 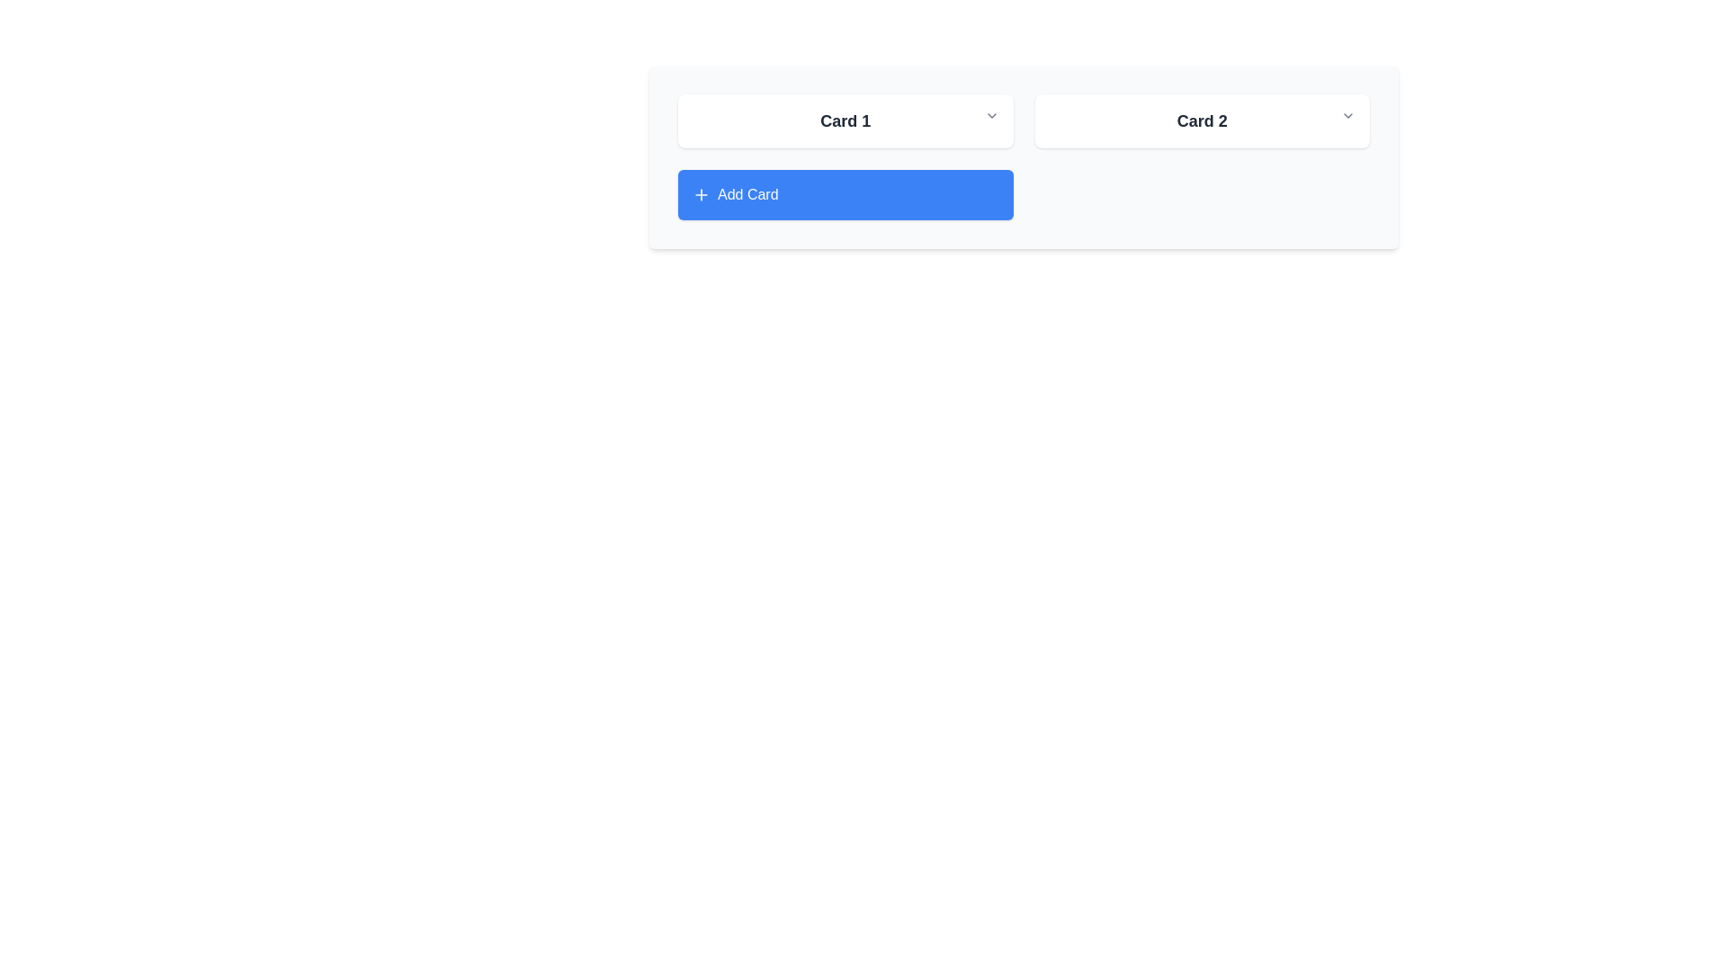 I want to click on the interactive button with an arrow icon located in the top-right corner of 'Card 2', so click(x=1347, y=115).